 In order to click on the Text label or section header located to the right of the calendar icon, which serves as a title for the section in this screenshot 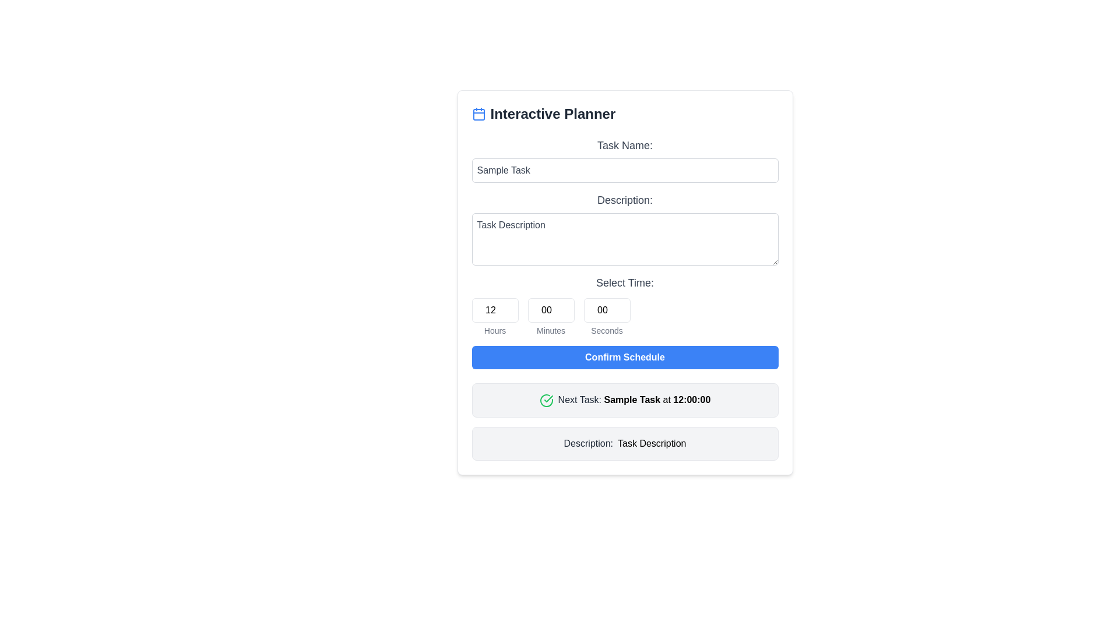, I will do `click(552, 114)`.